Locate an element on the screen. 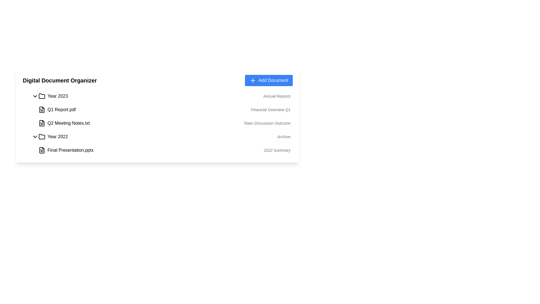  the List item representing the file 'Final Presentation.pptx' with description '2022 Summary', located in the fourth row under the 'Year 2022' folder is located at coordinates (161, 143).